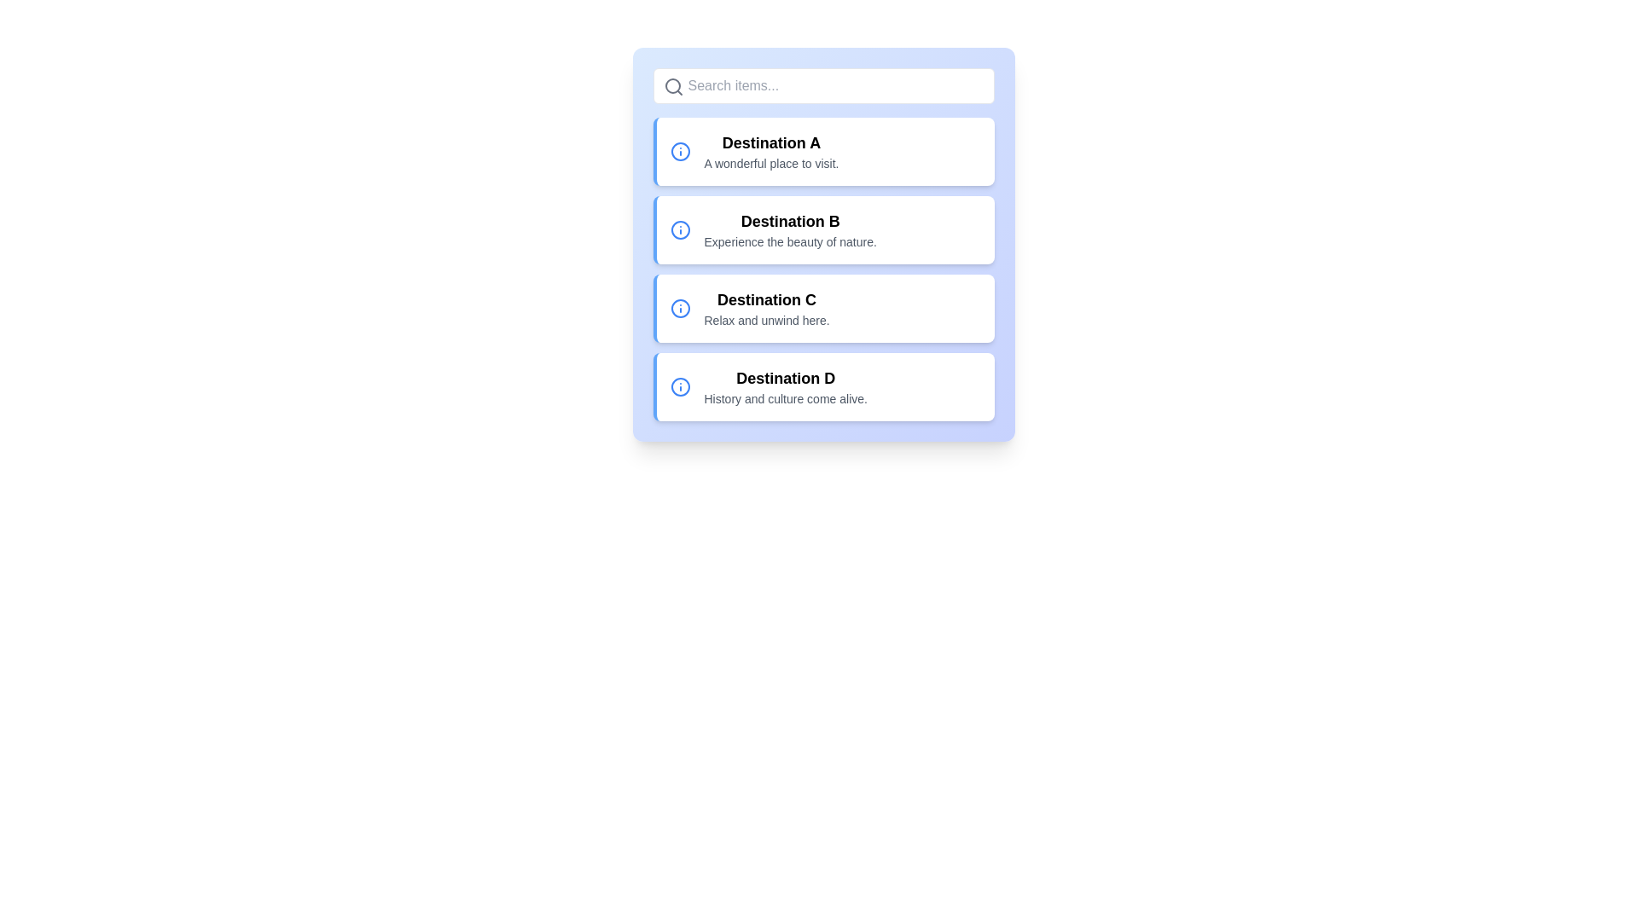  Describe the element at coordinates (823, 387) in the screenshot. I see `the clickable section titled 'Destination D'` at that location.